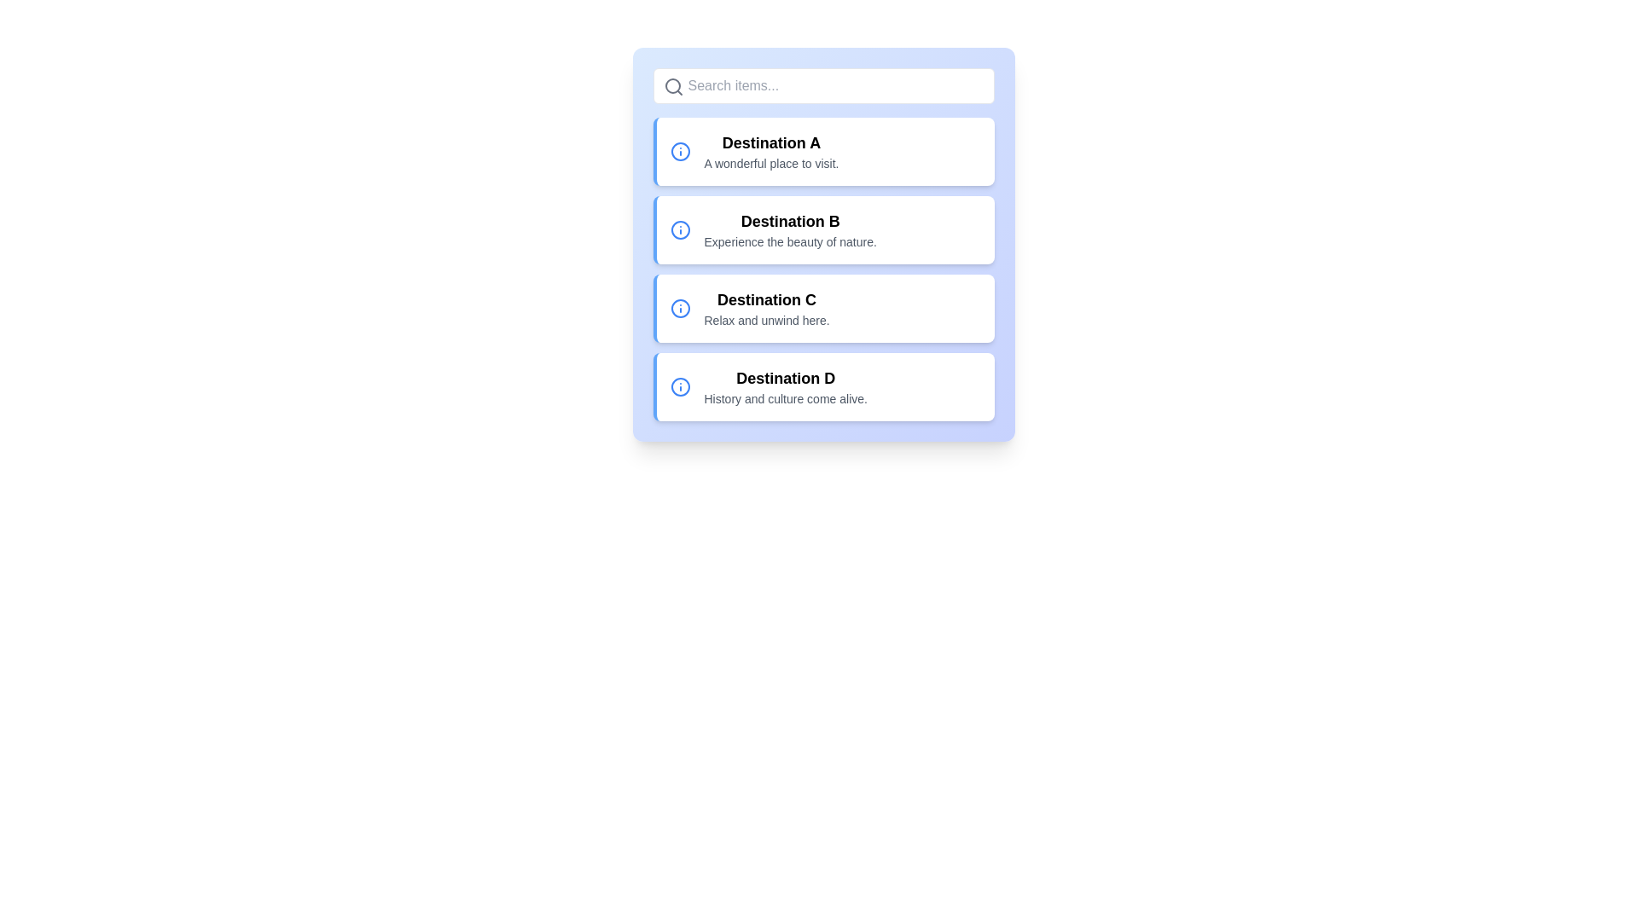  Describe the element at coordinates (823, 387) in the screenshot. I see `the clickable section titled 'Destination D'` at that location.